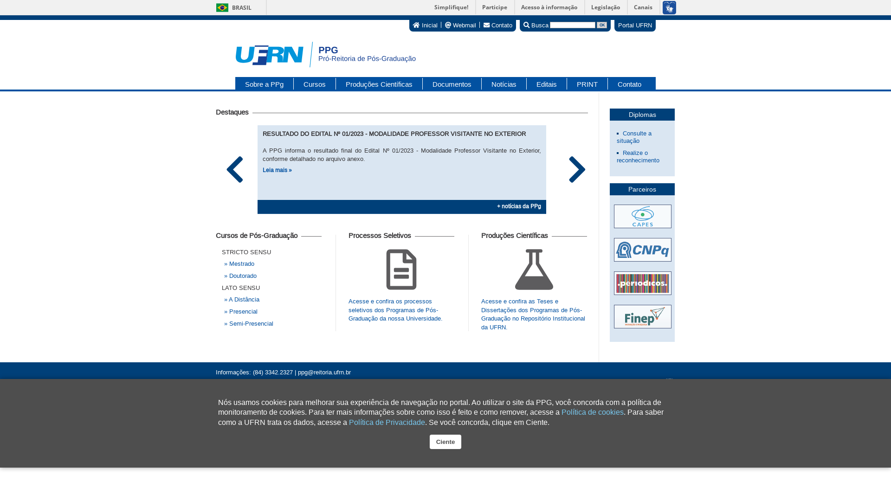 This screenshot has height=501, width=891. I want to click on 'OK', so click(597, 25).